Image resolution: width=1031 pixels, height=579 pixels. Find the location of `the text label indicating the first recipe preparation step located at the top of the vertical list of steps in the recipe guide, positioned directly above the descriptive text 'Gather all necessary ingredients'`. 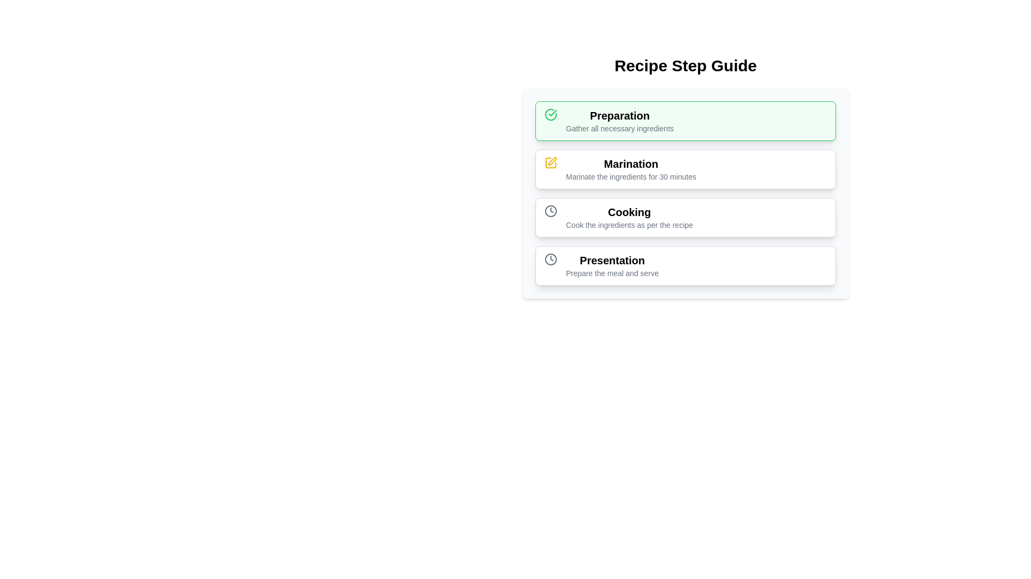

the text label indicating the first recipe preparation step located at the top of the vertical list of steps in the recipe guide, positioned directly above the descriptive text 'Gather all necessary ingredients' is located at coordinates (620, 116).